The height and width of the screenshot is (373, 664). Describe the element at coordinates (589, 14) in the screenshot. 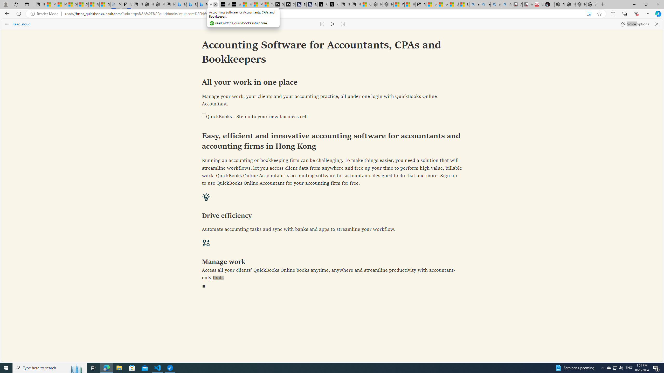

I see `'Exit Immersive Reader (F9)'` at that location.